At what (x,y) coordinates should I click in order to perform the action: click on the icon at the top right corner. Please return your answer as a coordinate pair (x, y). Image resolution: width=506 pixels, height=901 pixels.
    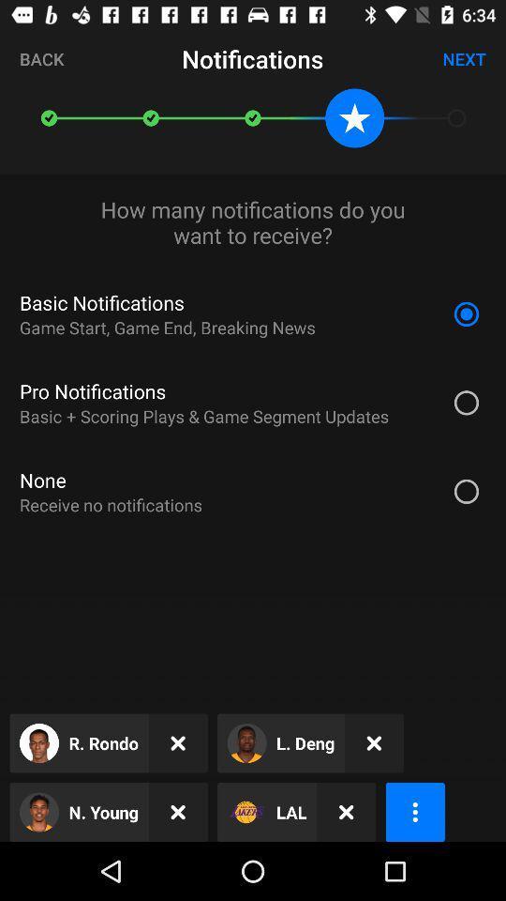
    Looking at the image, I should click on (463, 58).